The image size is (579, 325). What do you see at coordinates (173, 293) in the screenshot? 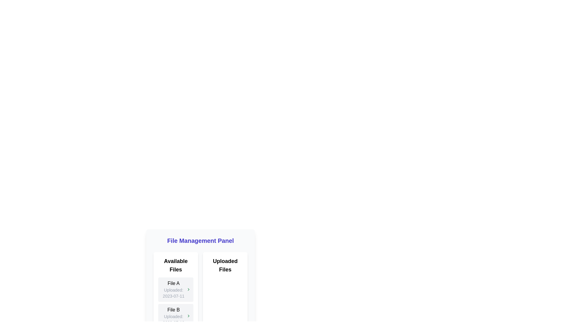
I see `text label displaying 'Uploaded: 2023-07-11', which is positioned below 'File A' in the 'Available Files' column of the 'File Management Panel'` at bounding box center [173, 293].